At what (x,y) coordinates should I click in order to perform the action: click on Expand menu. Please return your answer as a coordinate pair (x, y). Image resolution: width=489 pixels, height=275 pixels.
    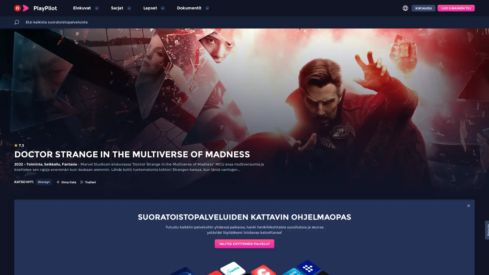
    Looking at the image, I should click on (97, 8).